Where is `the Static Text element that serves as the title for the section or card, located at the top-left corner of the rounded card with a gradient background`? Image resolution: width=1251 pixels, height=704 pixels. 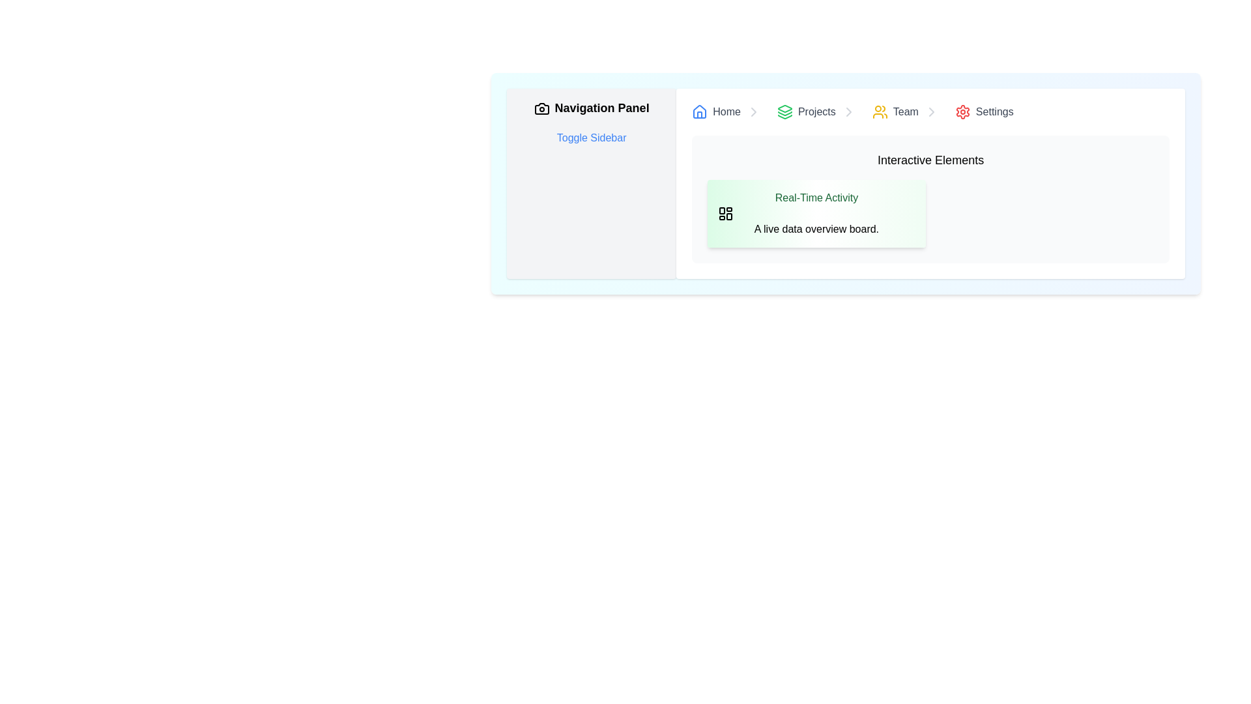 the Static Text element that serves as the title for the section or card, located at the top-left corner of the rounded card with a gradient background is located at coordinates (816, 198).